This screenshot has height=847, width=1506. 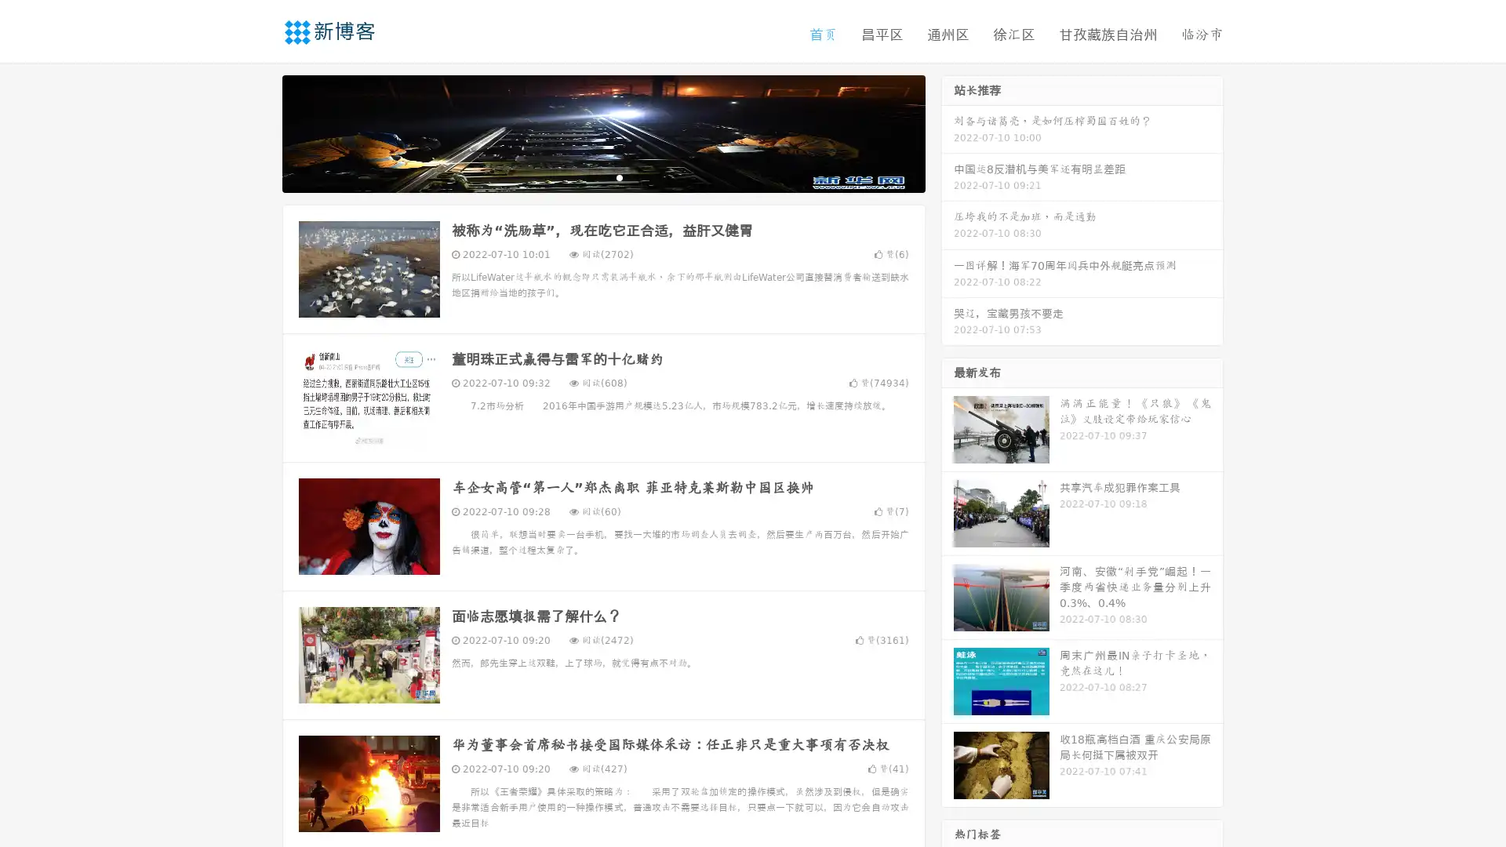 What do you see at coordinates (619, 176) in the screenshot?
I see `Go to slide 3` at bounding box center [619, 176].